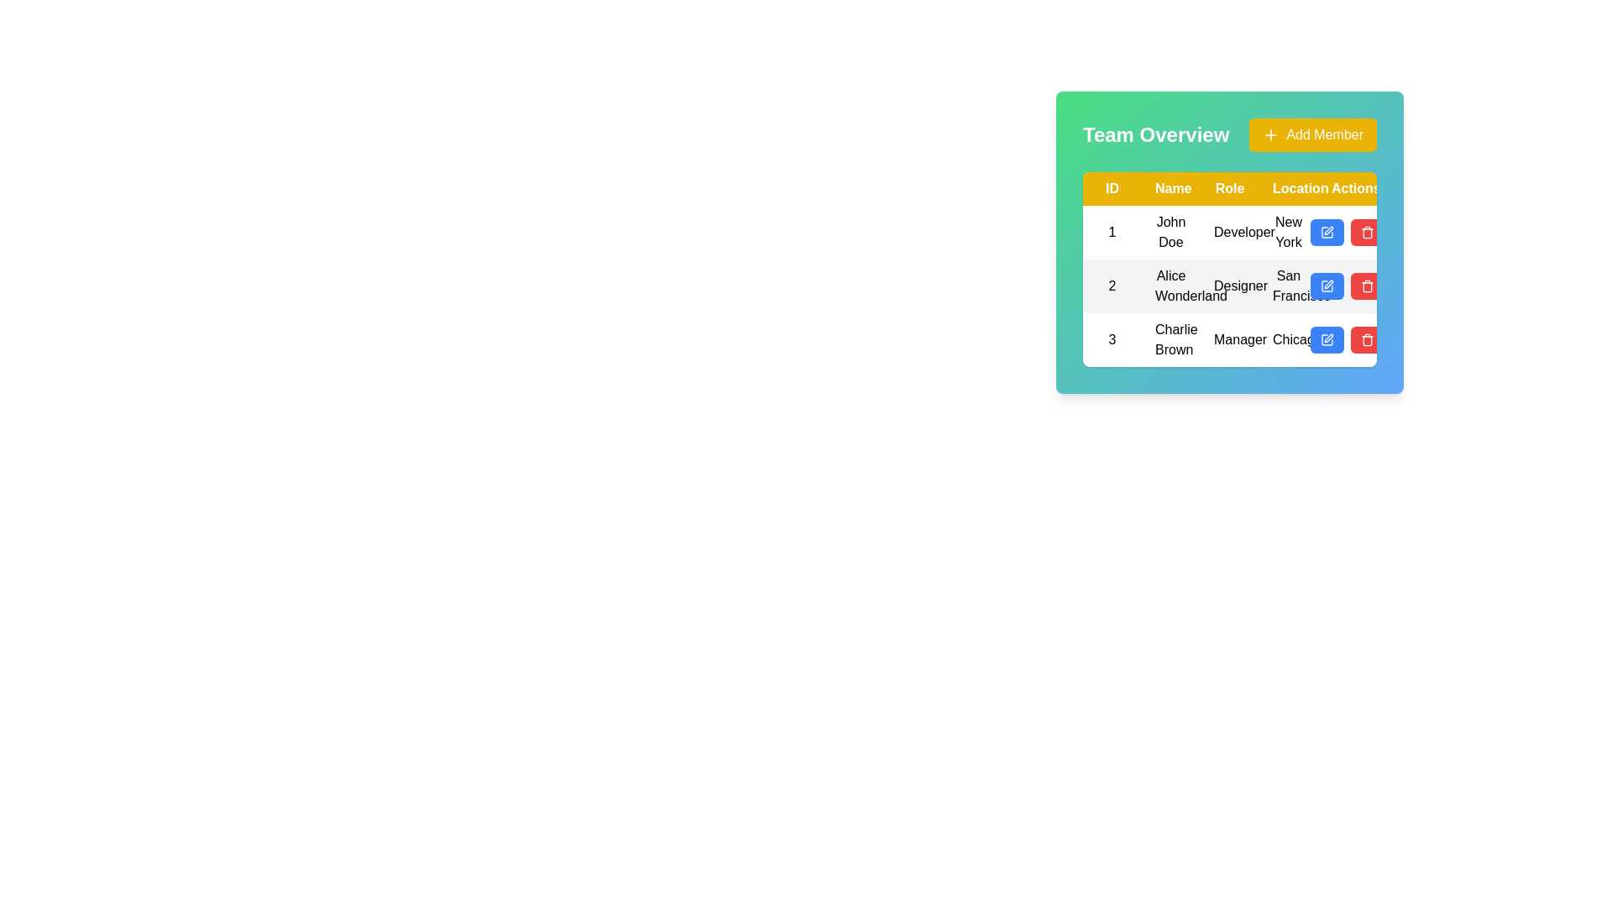 The image size is (1612, 907). Describe the element at coordinates (1170, 233) in the screenshot. I see `the non-interactive text label displaying the name of an individual in the second column of the first row of the 'Team Overview' table` at that location.